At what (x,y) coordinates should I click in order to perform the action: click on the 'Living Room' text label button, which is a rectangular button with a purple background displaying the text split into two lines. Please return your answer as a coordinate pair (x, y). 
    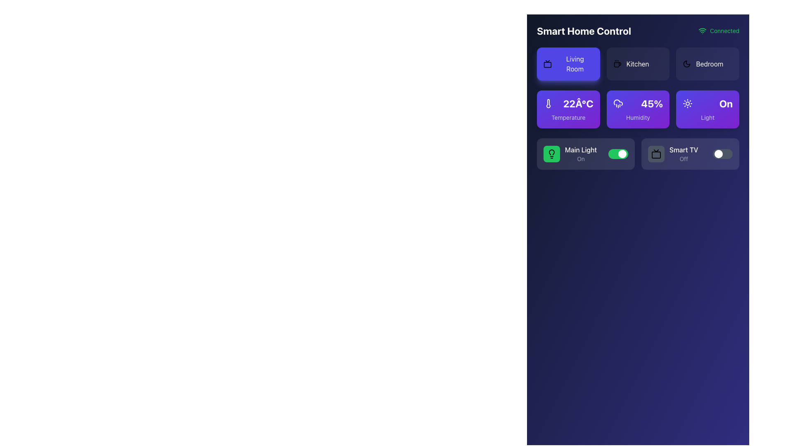
    Looking at the image, I should click on (575, 63).